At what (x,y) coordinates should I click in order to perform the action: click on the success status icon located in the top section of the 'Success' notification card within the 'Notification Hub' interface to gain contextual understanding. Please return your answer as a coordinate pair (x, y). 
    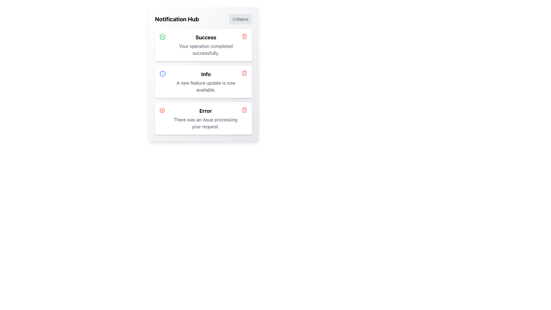
    Looking at the image, I should click on (163, 36).